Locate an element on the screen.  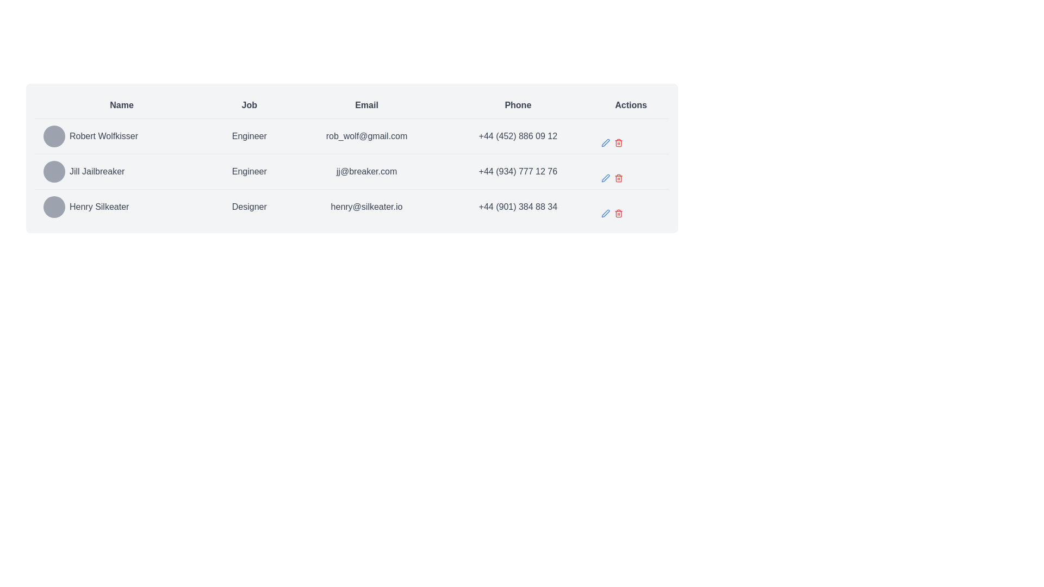
the edit icon button located in the 'Actions' column of the second row in the table is located at coordinates (605, 142).